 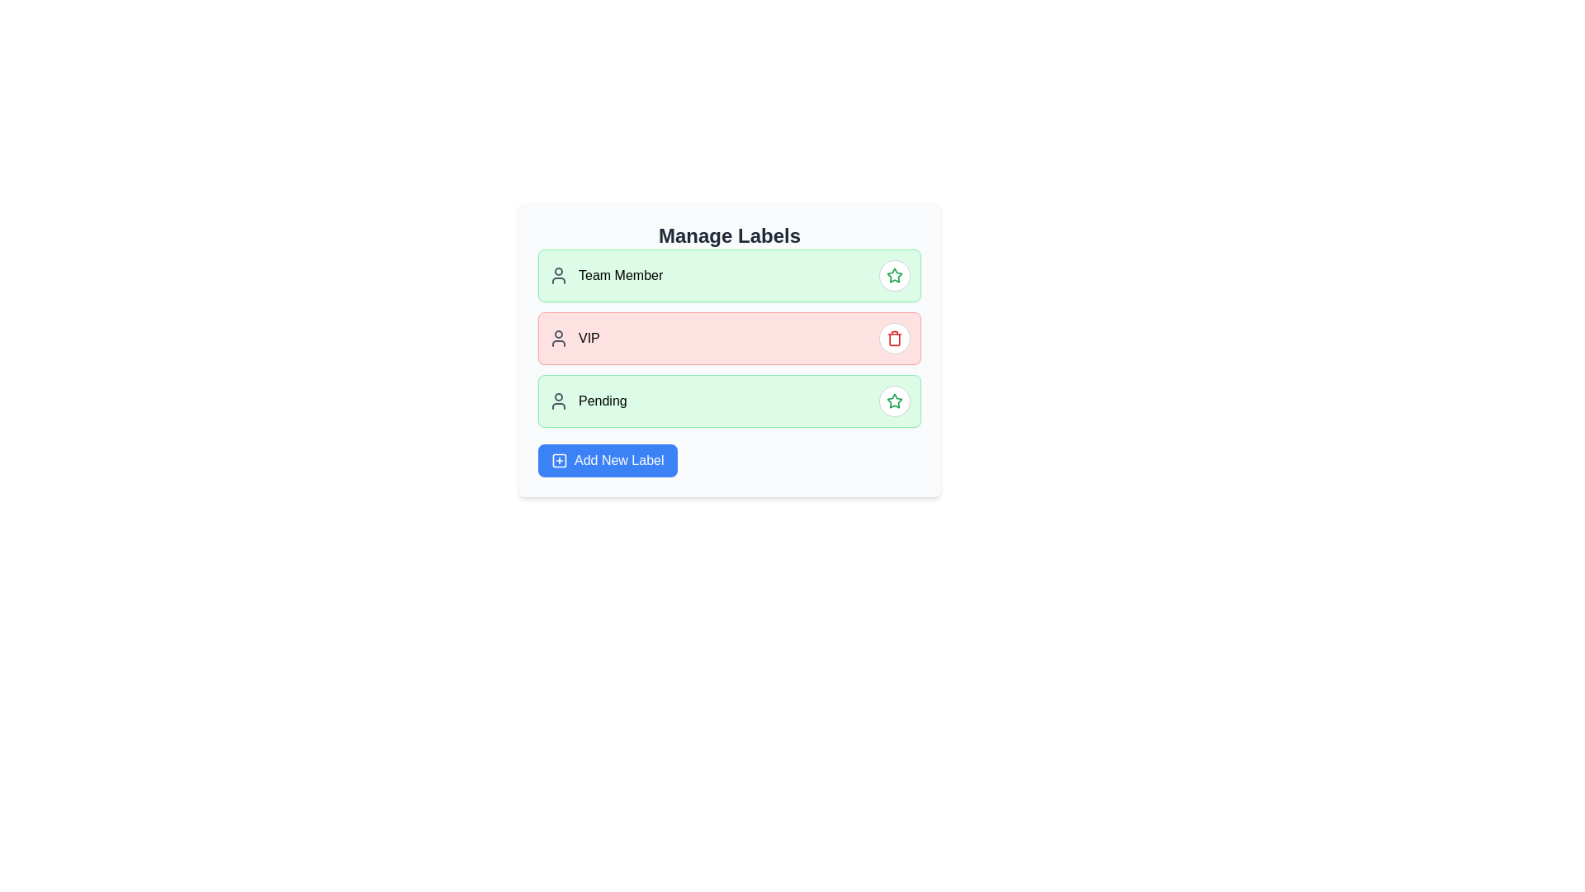 I want to click on the user icon located in the green-bordered rectangular section labeled 'Pending', positioned on the left side of the section next to the text, so click(x=558, y=401).